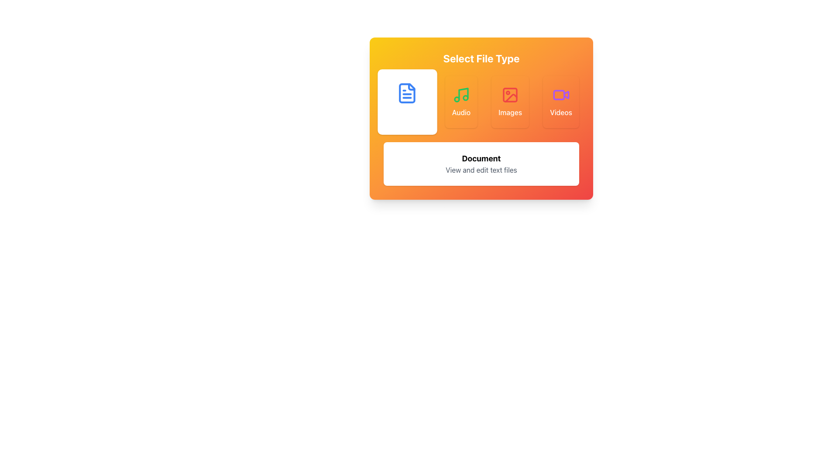 The image size is (838, 471). Describe the element at coordinates (460, 112) in the screenshot. I see `the 'Audio' text label, which is styled with a medium-weight font in white color on an orange background, located at the bottom of a button-like structure within the 'Select File Type' card` at that location.